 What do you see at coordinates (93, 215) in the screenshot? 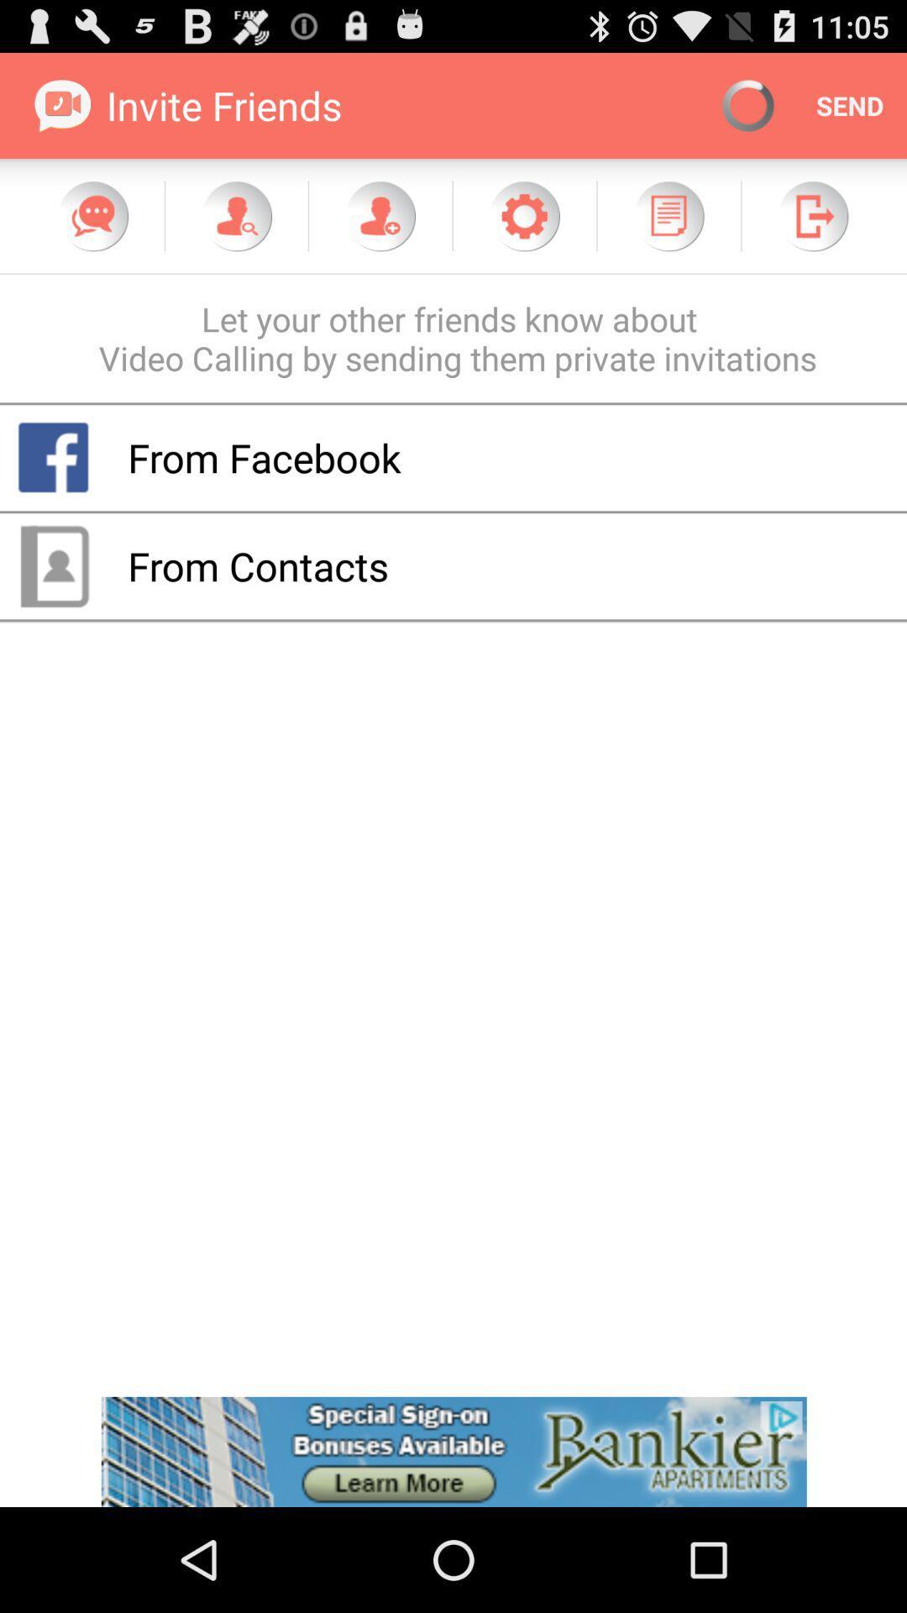
I see `the messages` at bounding box center [93, 215].